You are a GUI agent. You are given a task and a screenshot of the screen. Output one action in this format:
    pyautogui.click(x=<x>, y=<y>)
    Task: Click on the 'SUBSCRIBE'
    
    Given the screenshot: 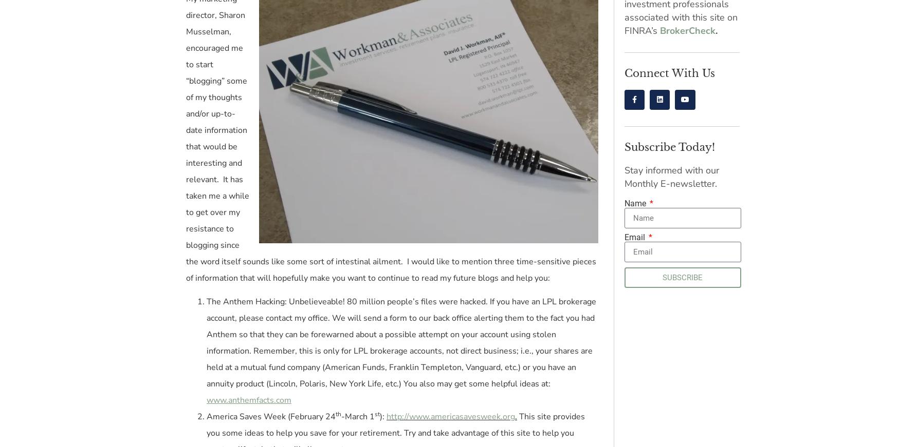 What is the action you would take?
    pyautogui.click(x=662, y=277)
    